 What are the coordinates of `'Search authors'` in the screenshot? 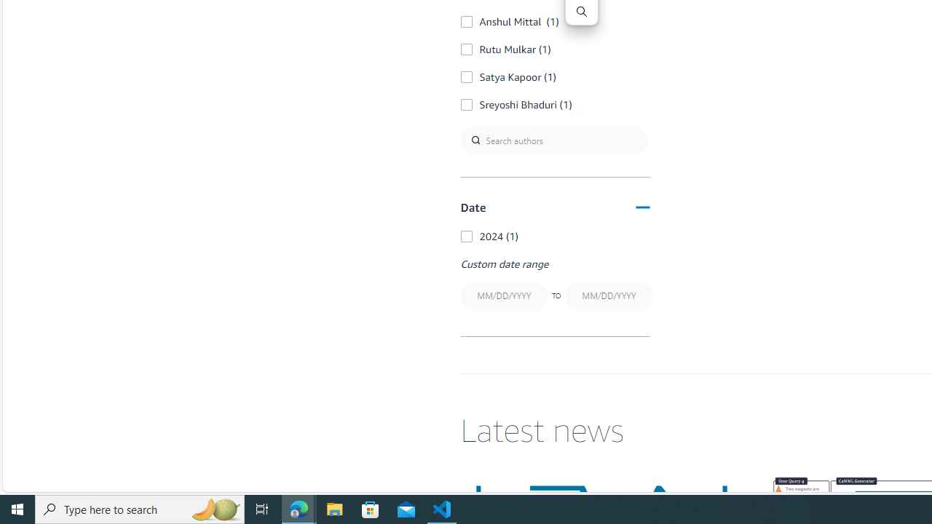 It's located at (553, 140).